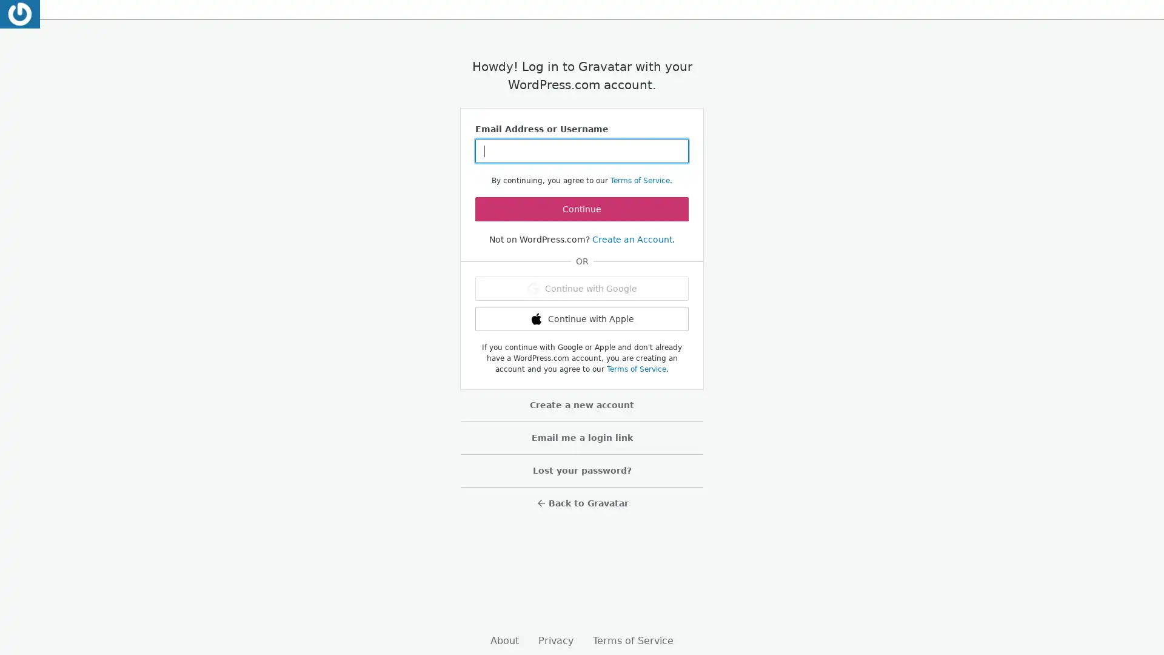 The width and height of the screenshot is (1164, 655). I want to click on Continue with Apple, so click(582, 318).